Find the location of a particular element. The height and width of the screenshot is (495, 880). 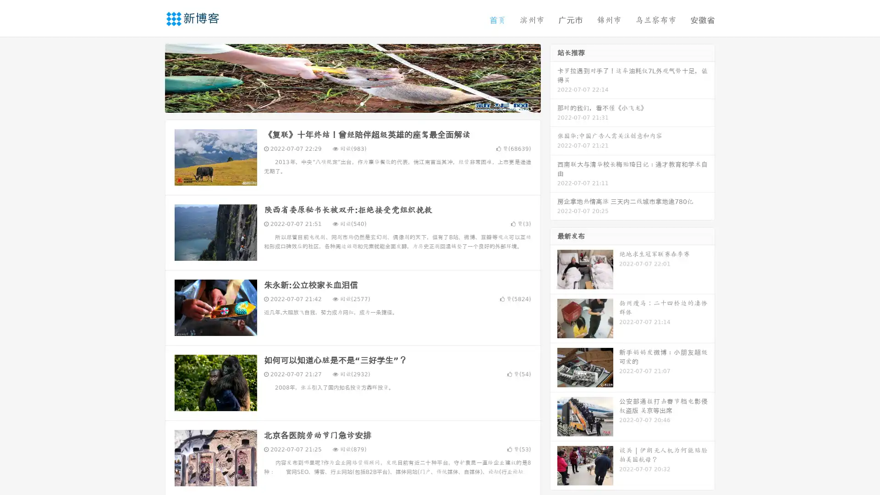

Previous slide is located at coordinates (151, 77).